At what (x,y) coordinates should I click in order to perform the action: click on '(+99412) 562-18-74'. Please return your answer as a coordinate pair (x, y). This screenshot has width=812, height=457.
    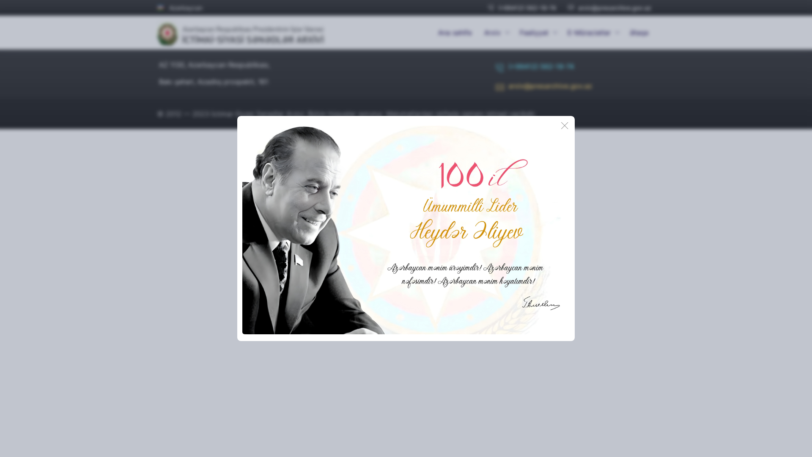
    Looking at the image, I should click on (521, 8).